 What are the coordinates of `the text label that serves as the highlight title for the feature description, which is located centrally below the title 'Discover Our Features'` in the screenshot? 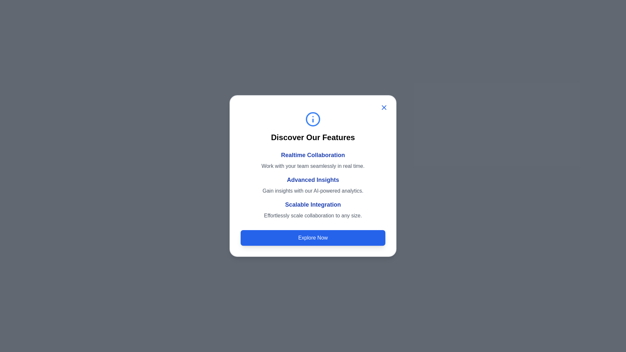 It's located at (313, 155).